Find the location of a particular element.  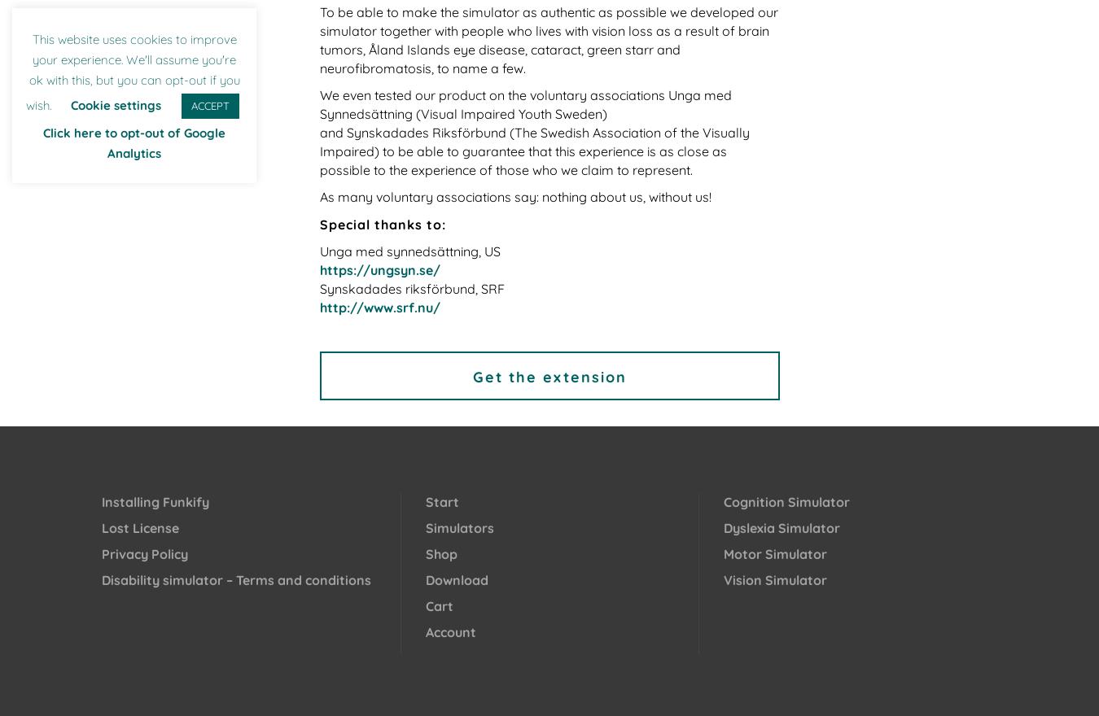

'We even tested our product on the voluntary associations Unga med Synnedsättning (Visual Impaired Youth Sweden) and Synskadades Riksförbund (The Swedish Association of the Visually Impaired) to be able to guarantee that this experience is as close as possible to the experience of those who we claim to represent.' is located at coordinates (533, 131).